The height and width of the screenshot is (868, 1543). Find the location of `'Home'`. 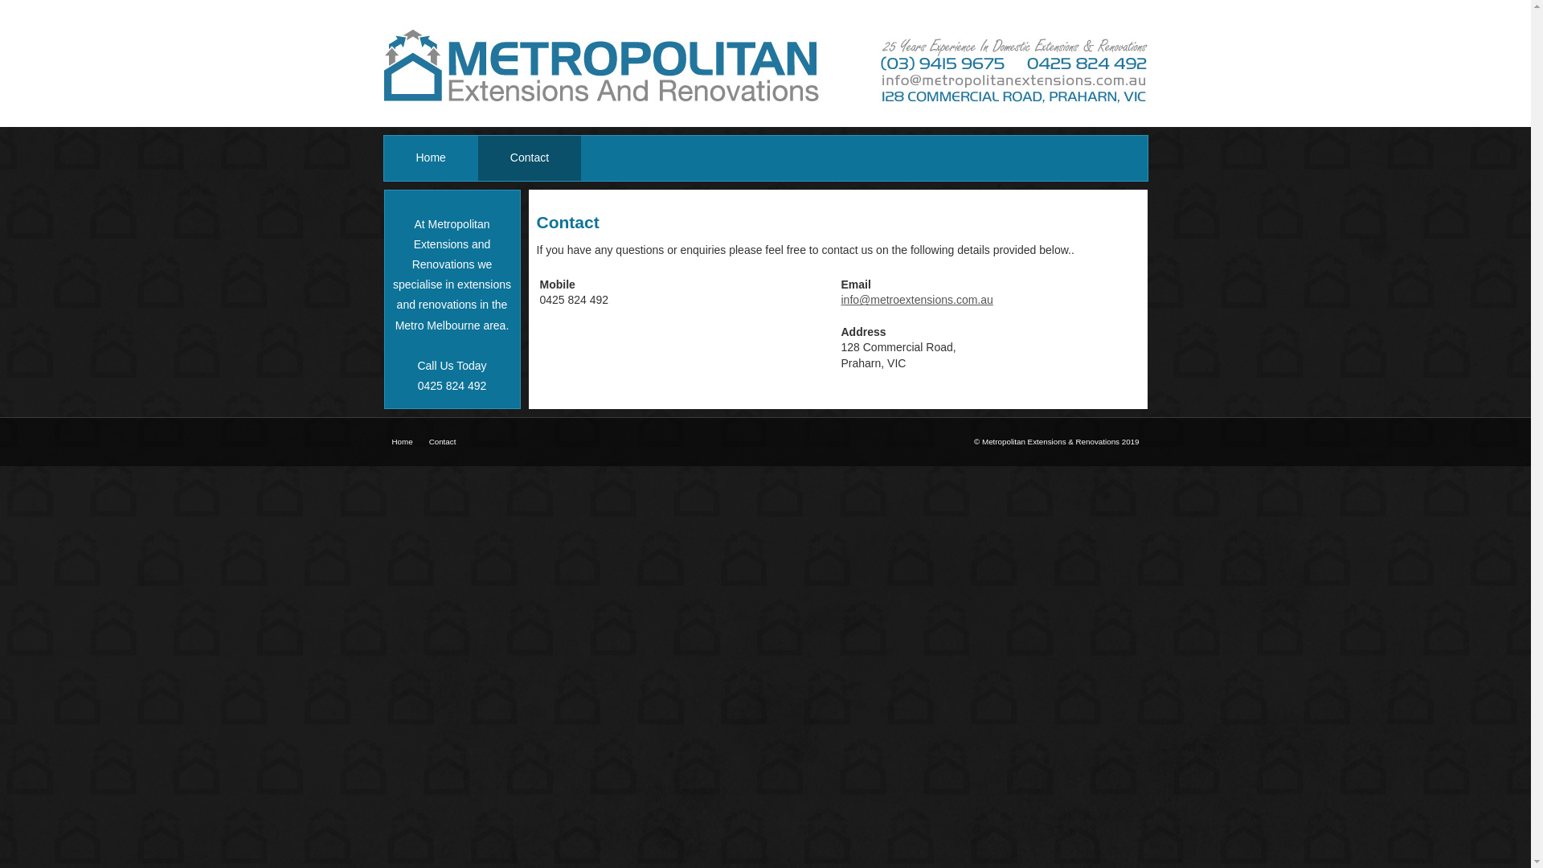

'Home' is located at coordinates (383, 158).